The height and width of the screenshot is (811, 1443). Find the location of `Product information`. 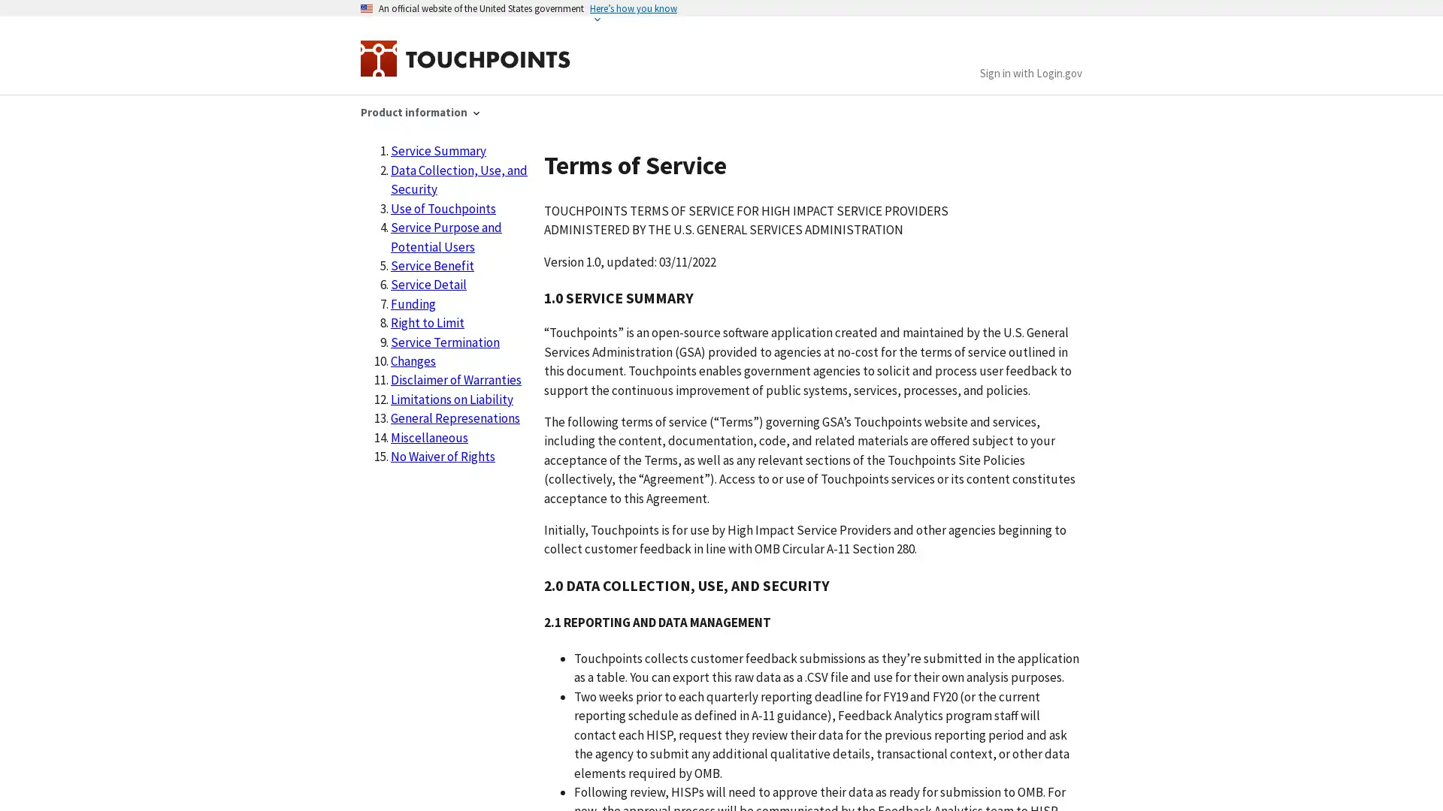

Product information is located at coordinates (419, 111).